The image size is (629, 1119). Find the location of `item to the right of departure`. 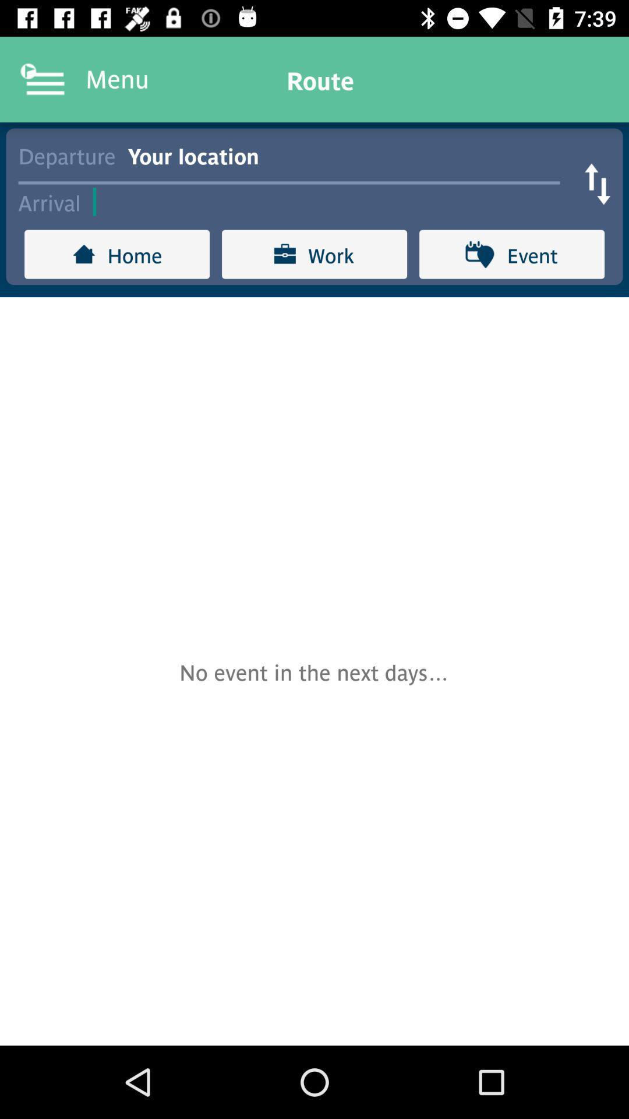

item to the right of departure is located at coordinates (349, 154).